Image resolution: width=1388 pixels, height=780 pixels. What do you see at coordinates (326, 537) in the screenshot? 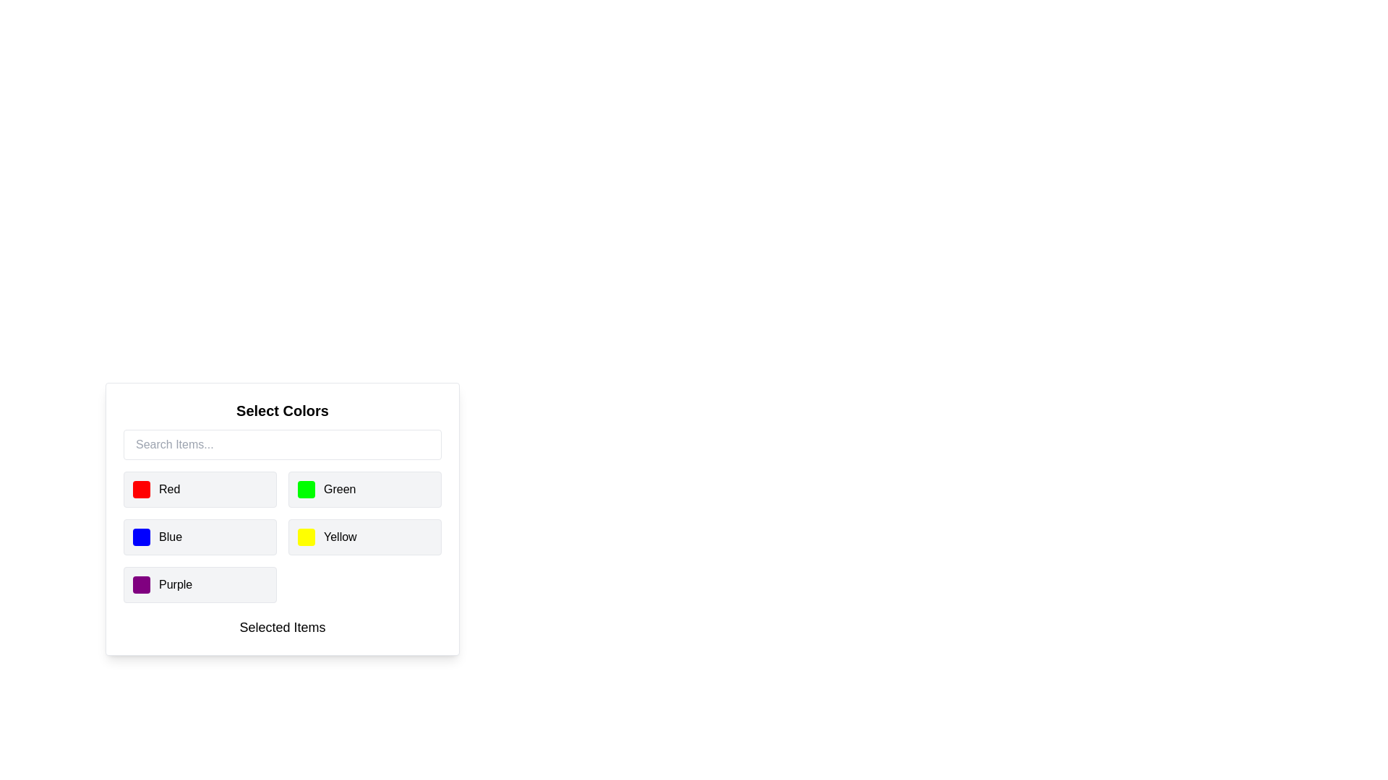
I see `the color indicator labeled 'Yellow' in the color selection interface, located in the lower right quadrant of the panel` at bounding box center [326, 537].